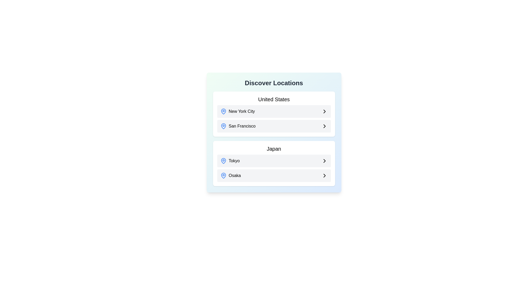 Image resolution: width=505 pixels, height=284 pixels. What do you see at coordinates (223, 126) in the screenshot?
I see `the blue-colored map pin icon located to the left of the text 'San Francisco' in the second row of the 'United States' section under the header 'Discover Locations.'` at bounding box center [223, 126].